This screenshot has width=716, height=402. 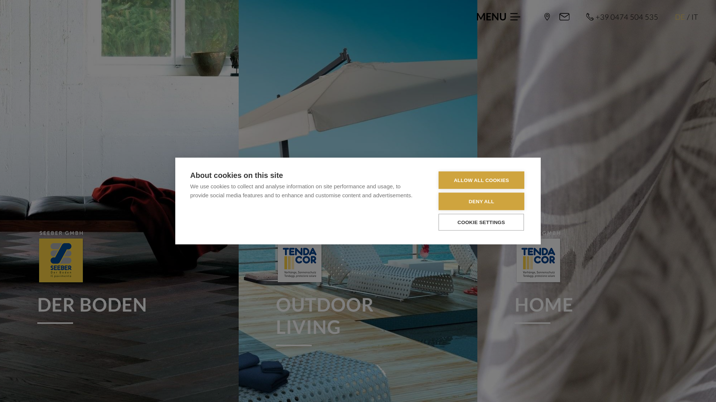 I want to click on 'OUTDOOR LIVING', so click(x=358, y=288).